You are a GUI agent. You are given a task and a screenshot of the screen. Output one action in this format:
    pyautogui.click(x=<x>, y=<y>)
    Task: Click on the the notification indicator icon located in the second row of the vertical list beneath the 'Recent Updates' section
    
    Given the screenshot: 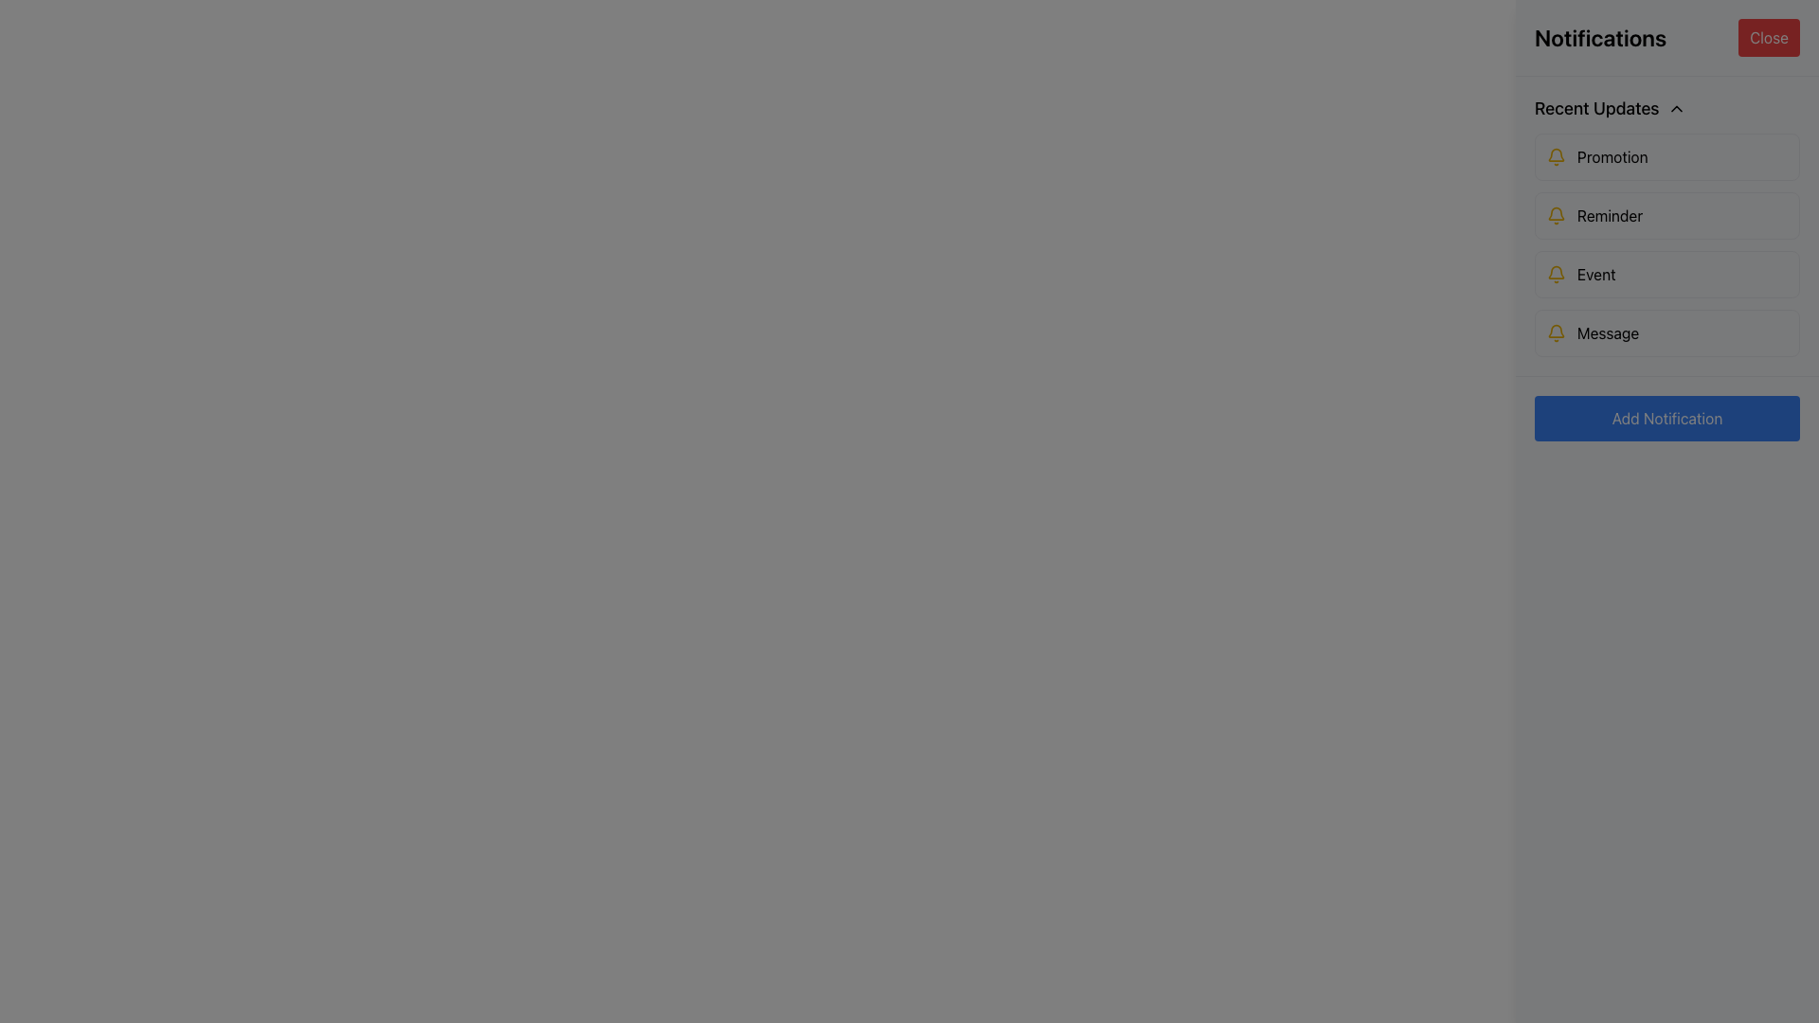 What is the action you would take?
    pyautogui.click(x=1556, y=213)
    